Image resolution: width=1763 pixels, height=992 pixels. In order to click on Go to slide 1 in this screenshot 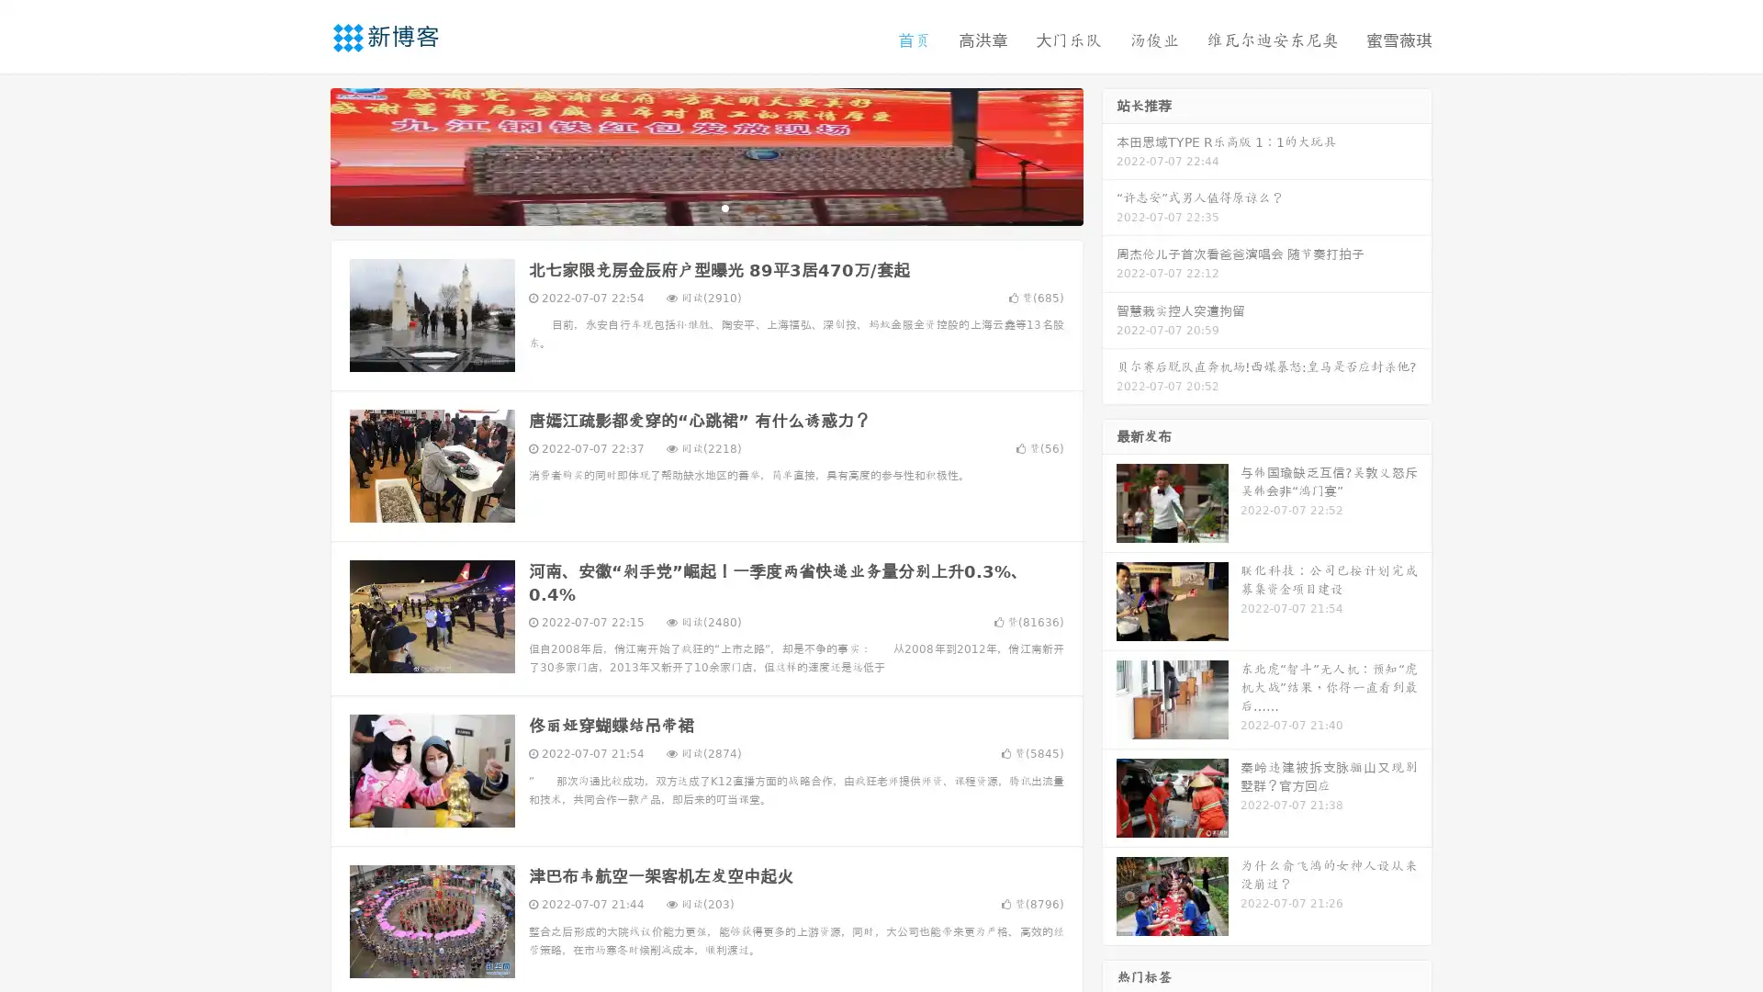, I will do `click(687, 207)`.